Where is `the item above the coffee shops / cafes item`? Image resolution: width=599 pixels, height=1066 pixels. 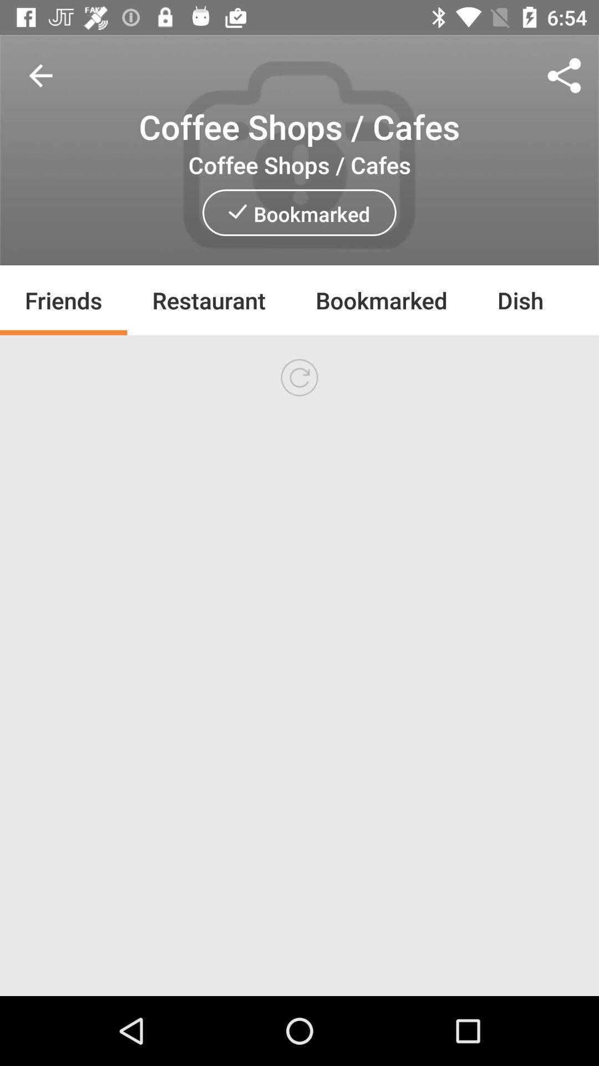
the item above the coffee shops / cafes item is located at coordinates (40, 75).